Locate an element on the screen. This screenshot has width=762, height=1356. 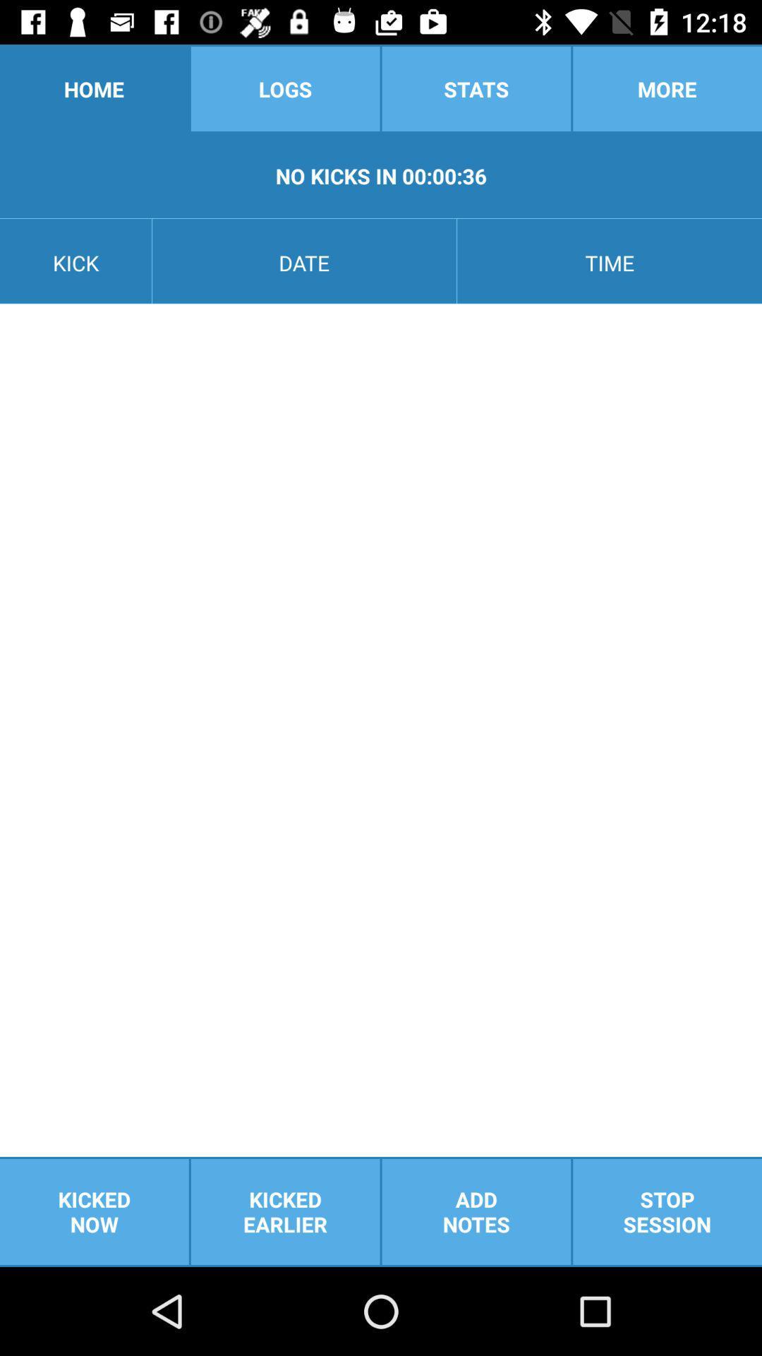
the kicked is located at coordinates (94, 1211).